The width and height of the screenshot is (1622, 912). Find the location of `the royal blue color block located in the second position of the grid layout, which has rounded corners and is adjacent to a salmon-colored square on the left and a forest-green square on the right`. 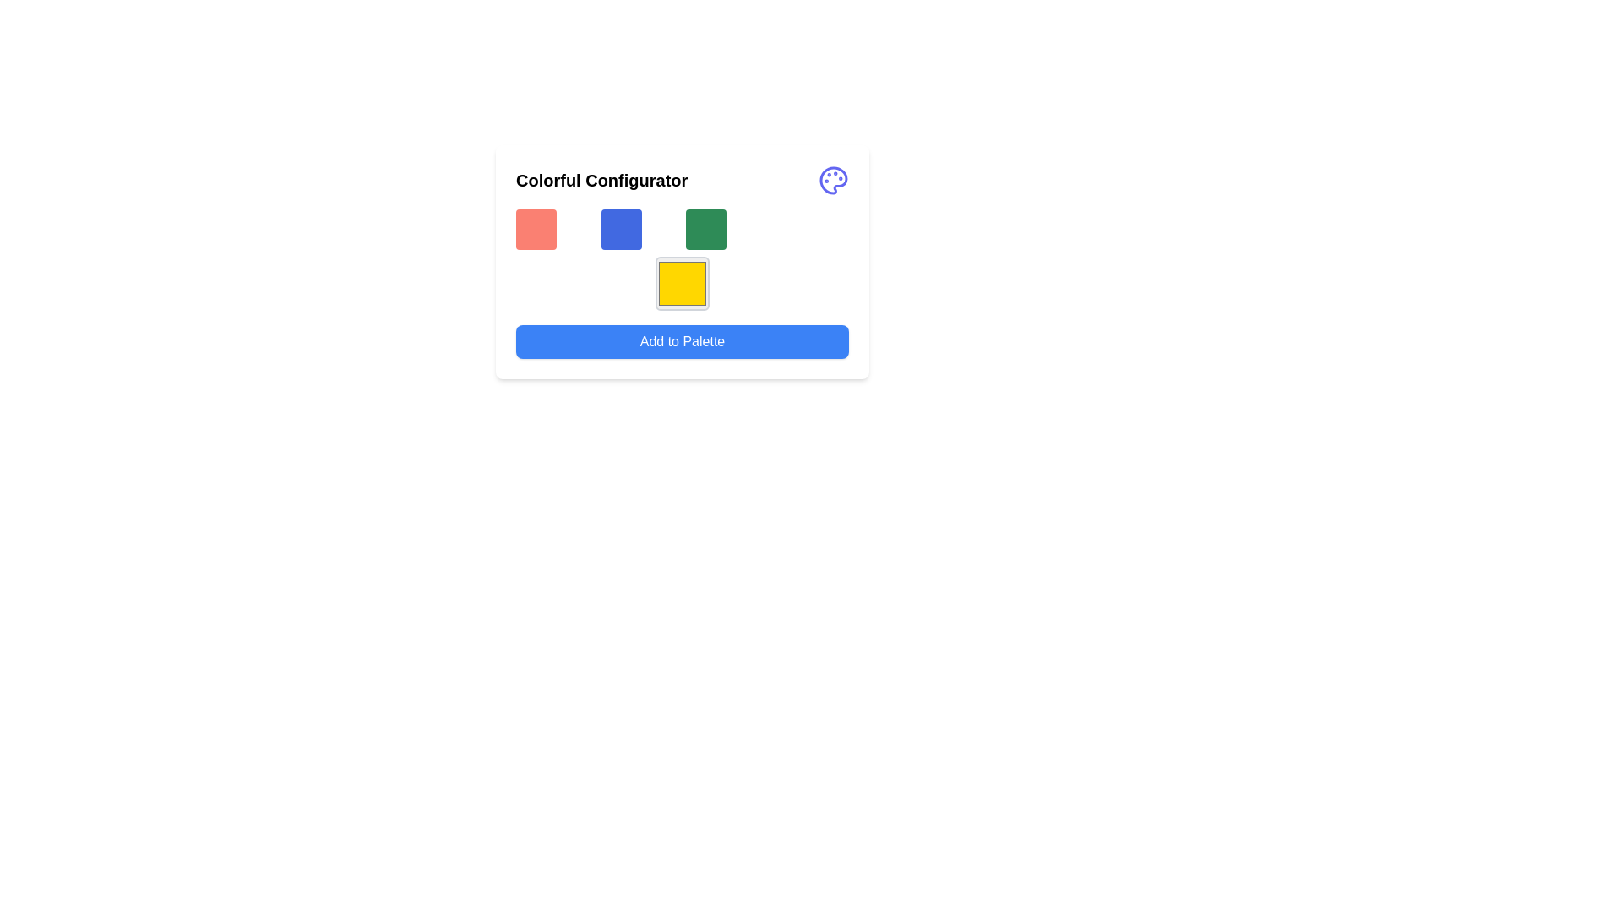

the royal blue color block located in the second position of the grid layout, which has rounded corners and is adjacent to a salmon-colored square on the left and a forest-green square on the right is located at coordinates (620, 230).